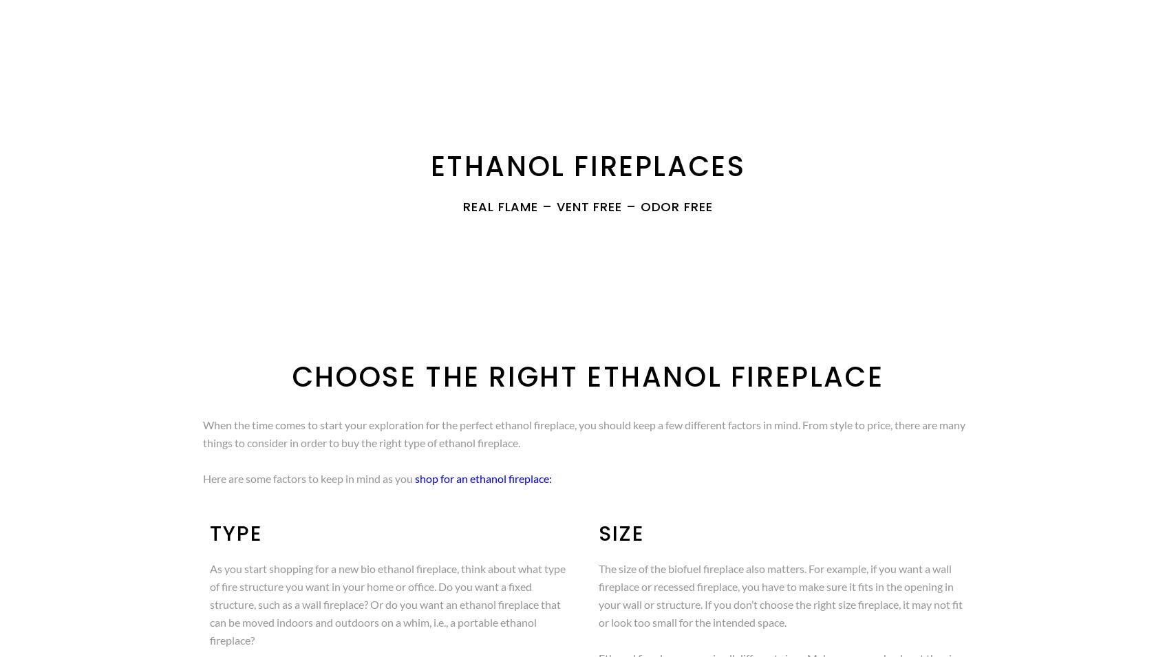  I want to click on 'Real Flame – Vent Free – Odor Free', so click(586, 206).